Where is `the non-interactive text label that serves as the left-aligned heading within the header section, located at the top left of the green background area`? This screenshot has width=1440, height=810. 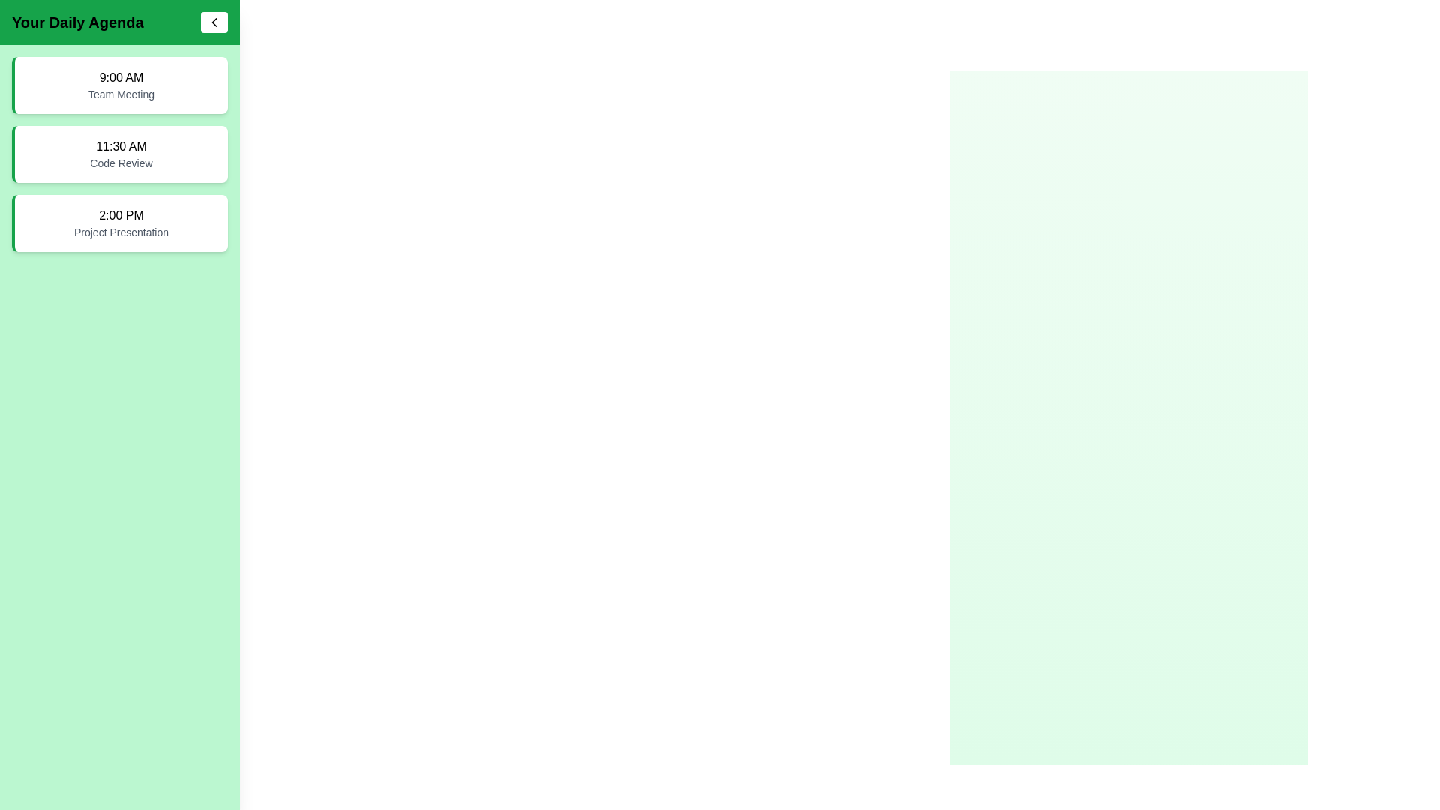
the non-interactive text label that serves as the left-aligned heading within the header section, located at the top left of the green background area is located at coordinates (76, 22).